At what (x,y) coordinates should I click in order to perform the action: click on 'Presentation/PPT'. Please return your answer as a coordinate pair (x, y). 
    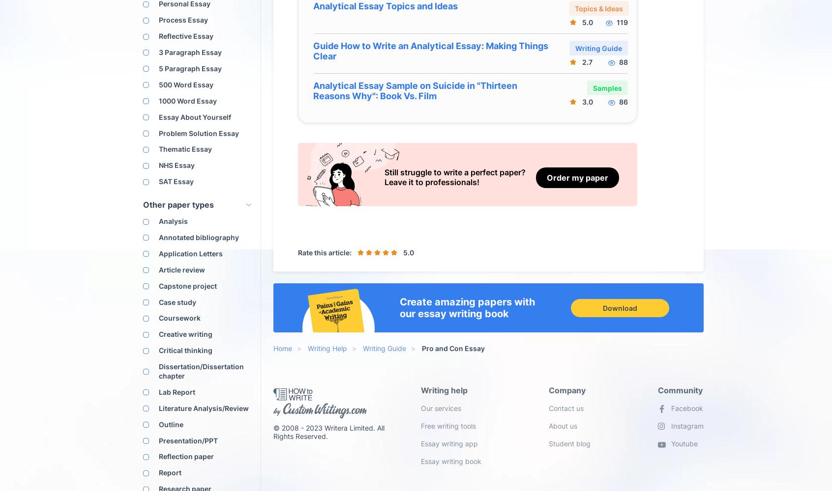
    Looking at the image, I should click on (188, 440).